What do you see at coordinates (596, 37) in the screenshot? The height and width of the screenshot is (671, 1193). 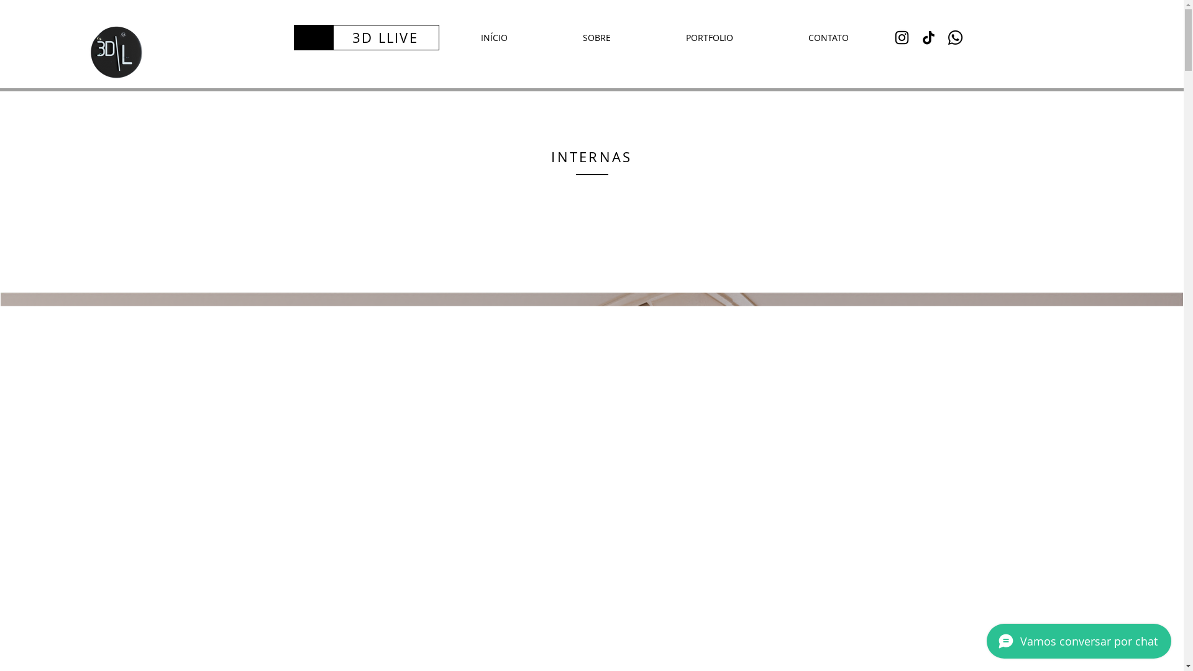 I see `'SOBRE'` at bounding box center [596, 37].